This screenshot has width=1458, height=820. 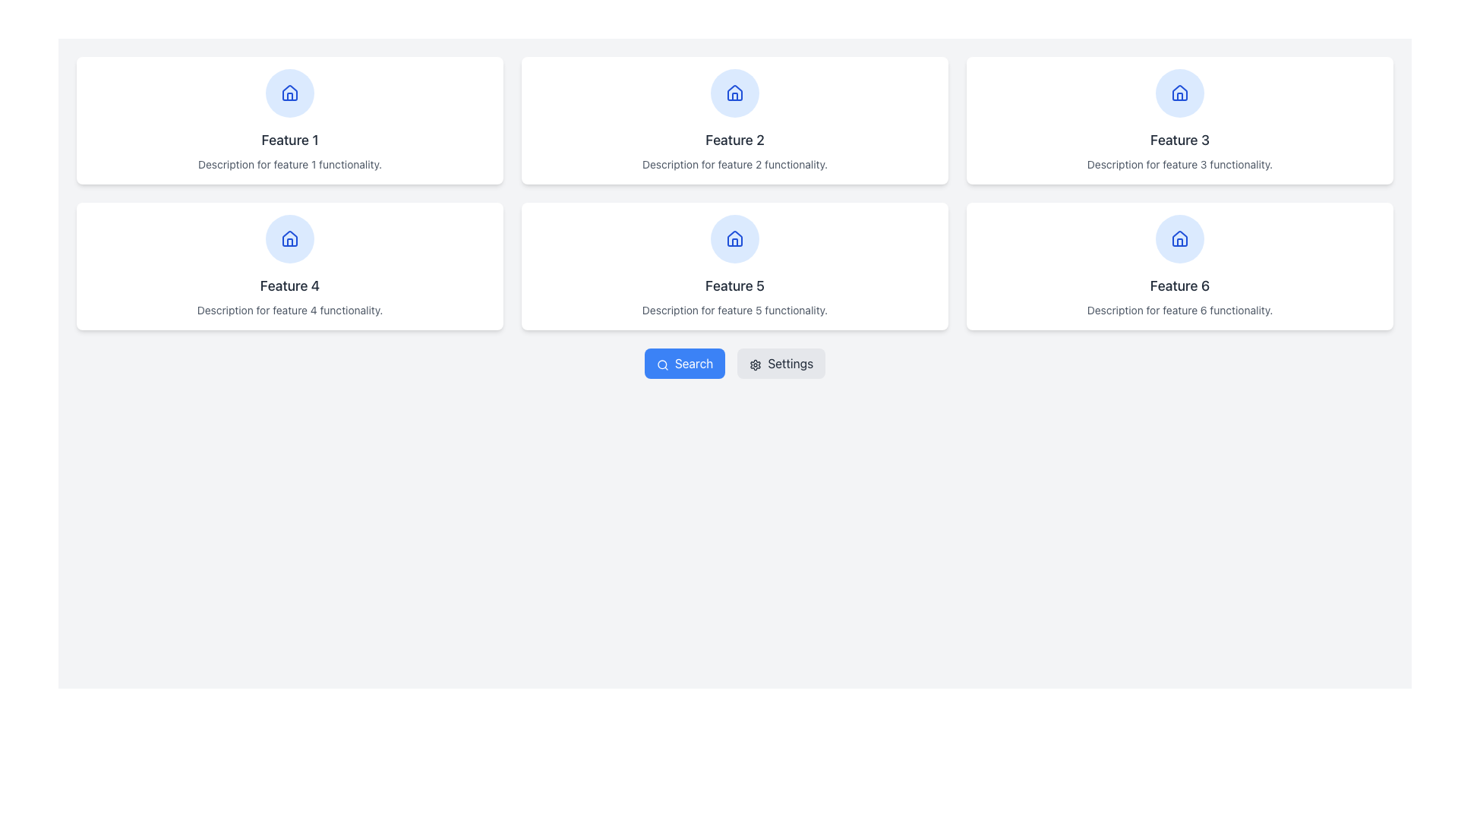 I want to click on the search icon located within the 'Search' button, positioned to the left of the text 'Search' at the bottom-center of the interface, so click(x=662, y=364).